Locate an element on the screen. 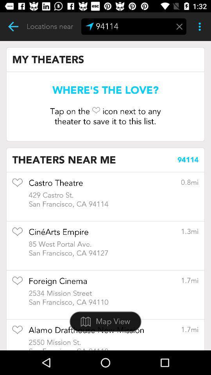 The height and width of the screenshot is (375, 211). like icon is located at coordinates (17, 234).